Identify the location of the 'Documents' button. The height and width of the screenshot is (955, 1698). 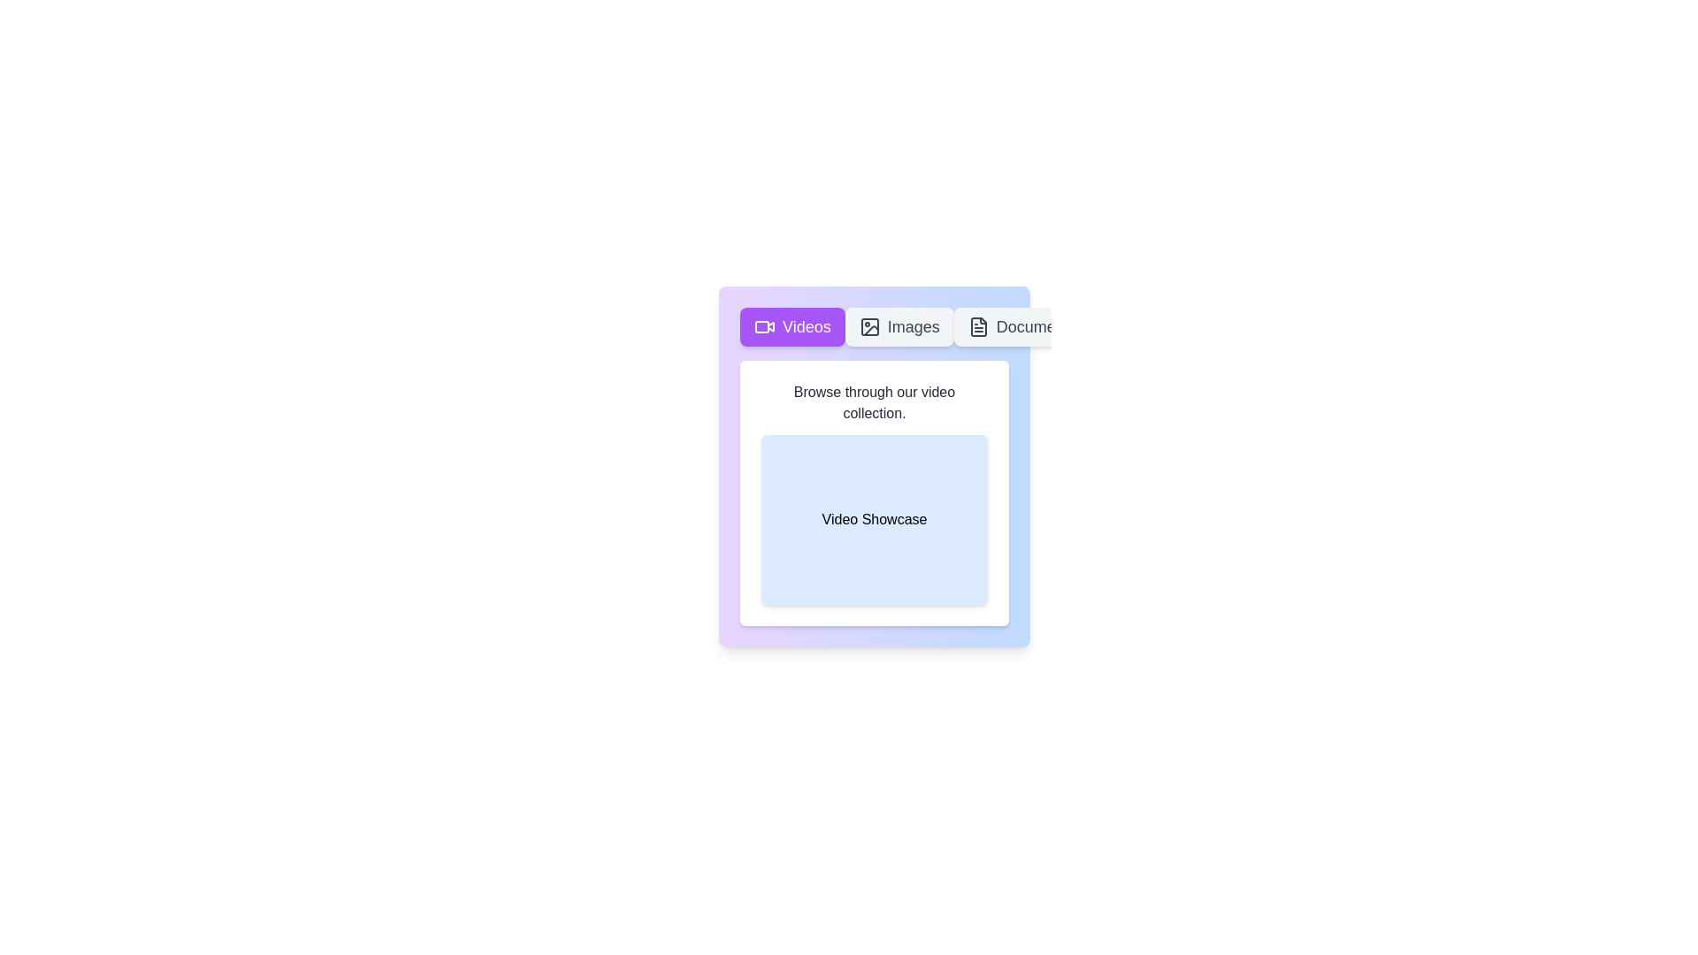
(1022, 327).